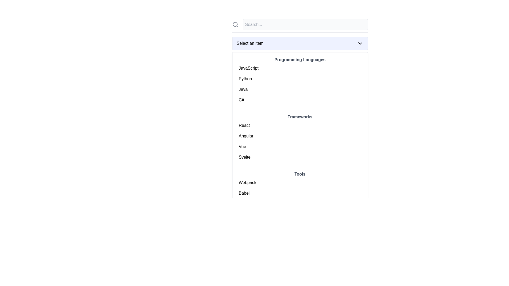 This screenshot has width=509, height=286. Describe the element at coordinates (300, 157) in the screenshot. I see `the fourth list item in the 'Frameworks' category, which relates to the 'Svelte' framework` at that location.